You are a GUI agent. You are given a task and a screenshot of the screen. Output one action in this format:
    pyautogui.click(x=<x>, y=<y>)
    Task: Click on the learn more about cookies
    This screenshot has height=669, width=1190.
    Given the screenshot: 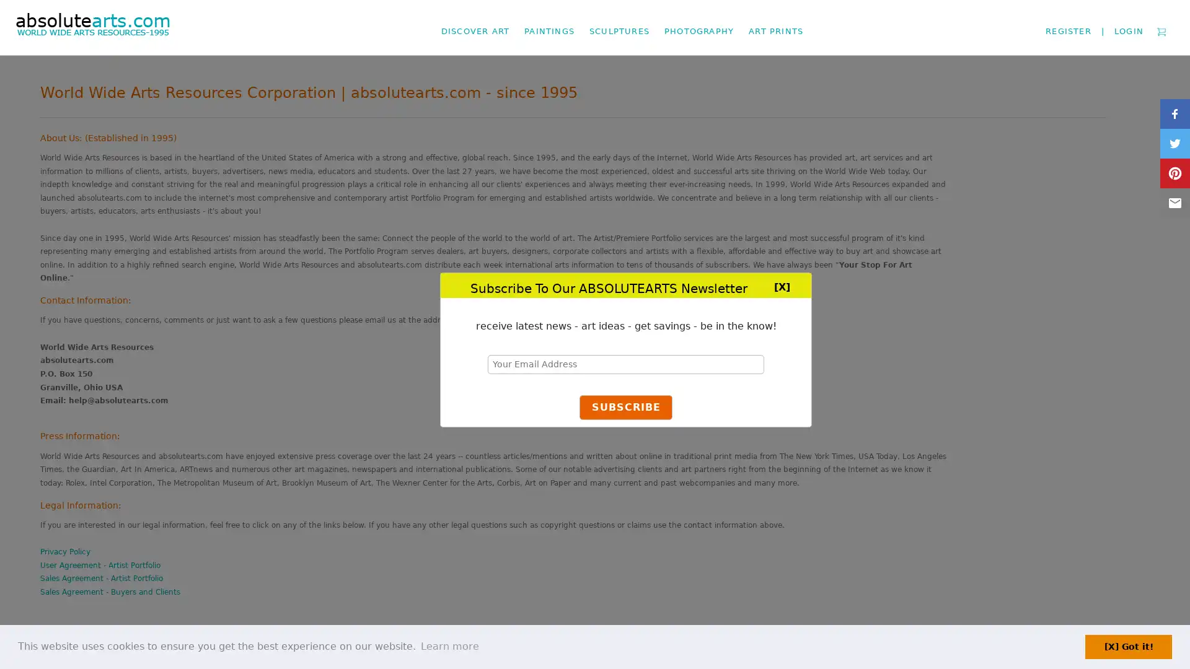 What is the action you would take?
    pyautogui.click(x=449, y=646)
    